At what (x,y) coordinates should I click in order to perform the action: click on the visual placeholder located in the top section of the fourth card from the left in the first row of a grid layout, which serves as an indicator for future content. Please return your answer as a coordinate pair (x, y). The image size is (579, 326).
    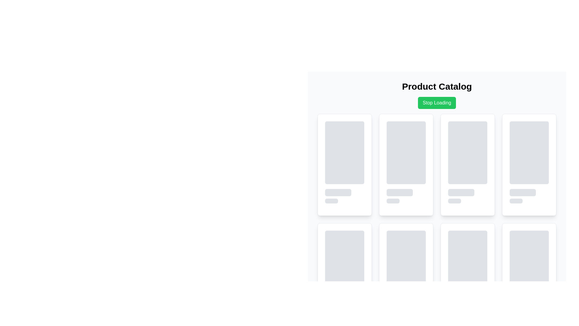
    Looking at the image, I should click on (529, 152).